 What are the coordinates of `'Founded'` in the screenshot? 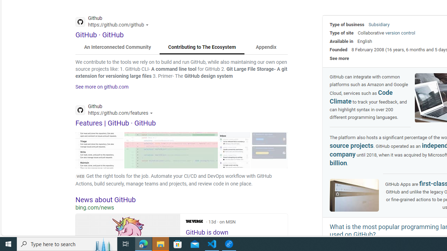 It's located at (338, 49).